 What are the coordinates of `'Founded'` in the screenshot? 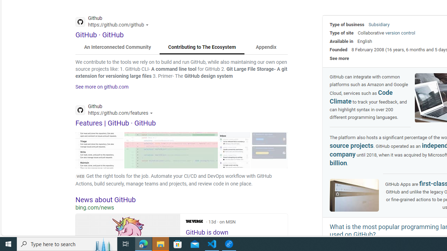 It's located at (338, 49).